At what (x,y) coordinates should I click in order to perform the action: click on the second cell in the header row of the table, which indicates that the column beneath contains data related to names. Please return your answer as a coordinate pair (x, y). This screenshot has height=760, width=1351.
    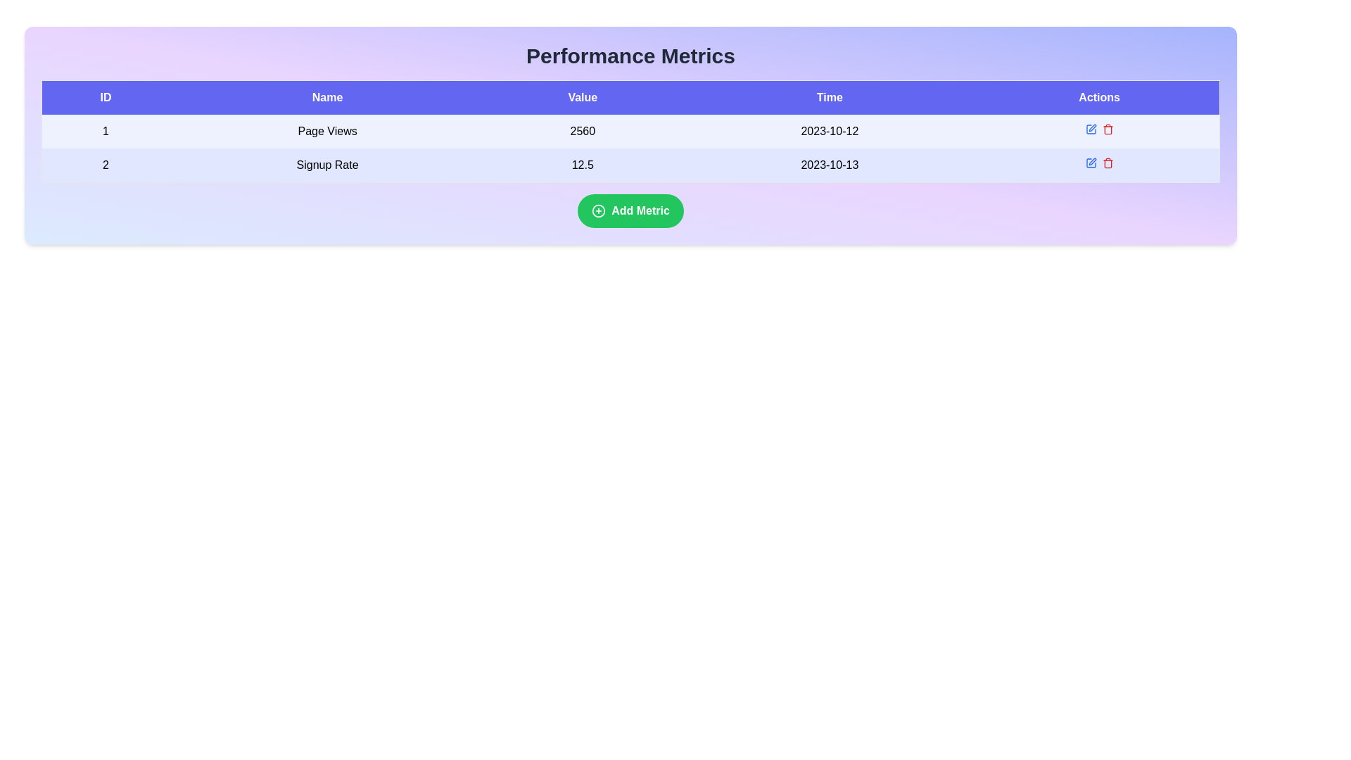
    Looking at the image, I should click on (326, 96).